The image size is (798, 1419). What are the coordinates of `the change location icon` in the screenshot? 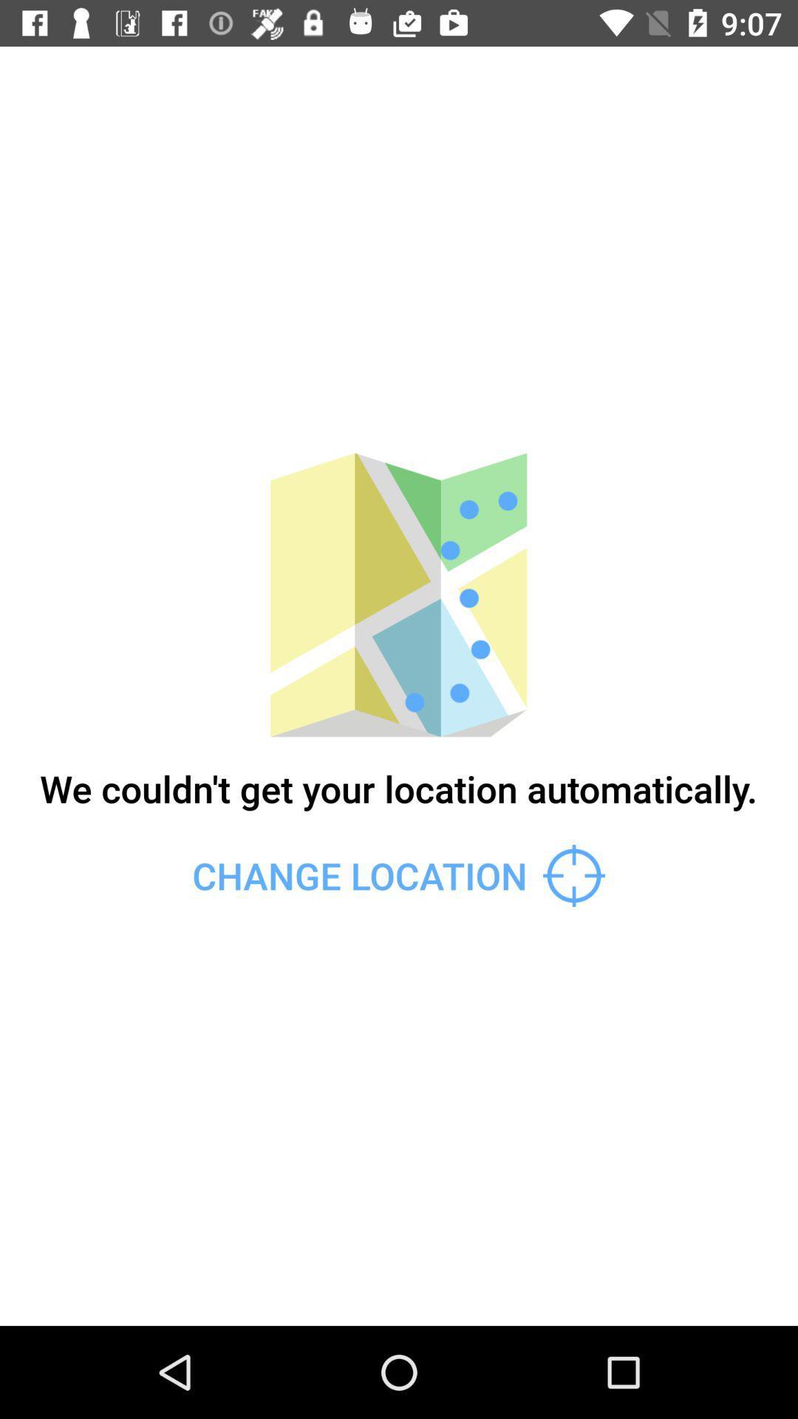 It's located at (398, 876).